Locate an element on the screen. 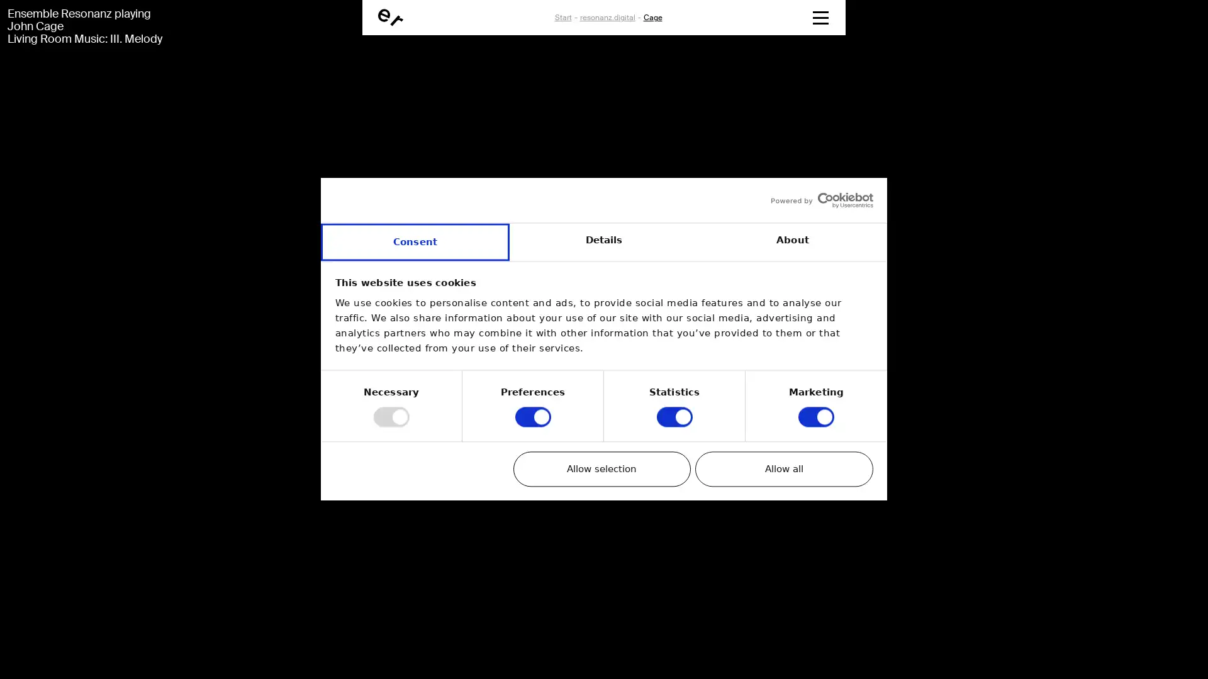  04 is located at coordinates (371, 664).